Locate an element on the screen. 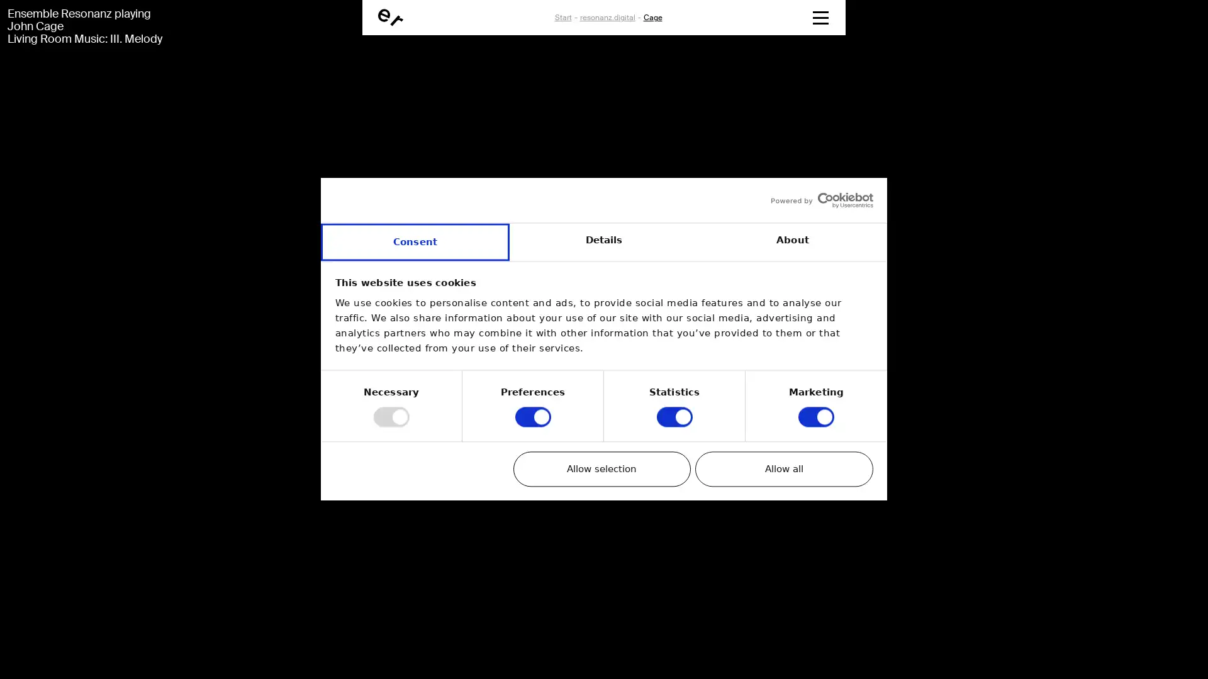  04 is located at coordinates (371, 664).